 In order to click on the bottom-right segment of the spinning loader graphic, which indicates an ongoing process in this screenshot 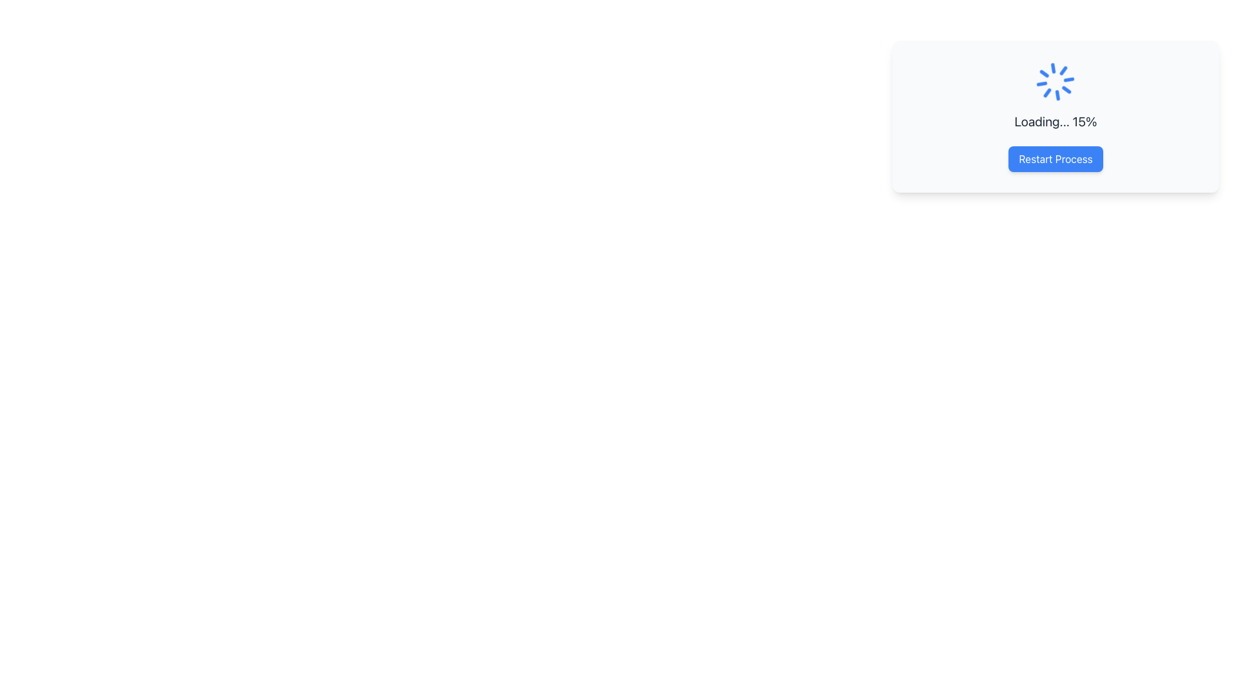, I will do `click(1043, 75)`.